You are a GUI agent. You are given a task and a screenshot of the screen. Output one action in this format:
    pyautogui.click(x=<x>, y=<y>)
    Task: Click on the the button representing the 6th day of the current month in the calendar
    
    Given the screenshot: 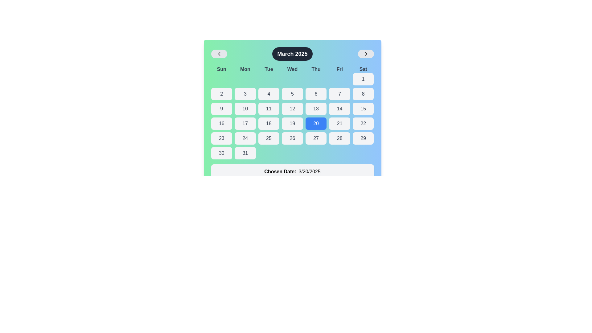 What is the action you would take?
    pyautogui.click(x=316, y=94)
    